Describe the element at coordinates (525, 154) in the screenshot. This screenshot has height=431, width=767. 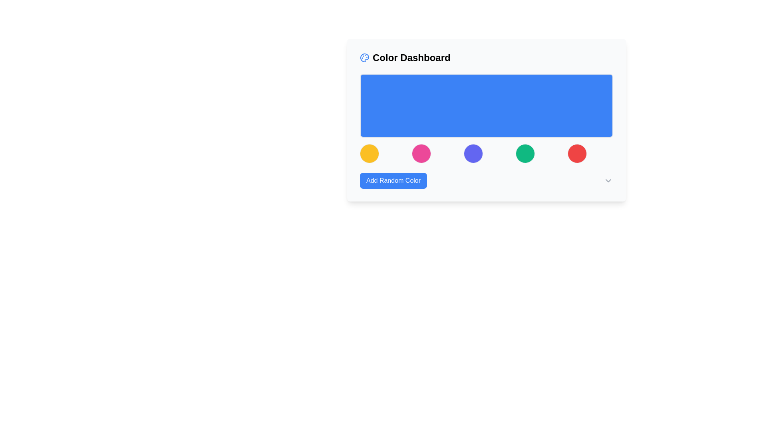
I see `the fourth circle in the row of five similar colored circles within the 'Color Dashboard'` at that location.